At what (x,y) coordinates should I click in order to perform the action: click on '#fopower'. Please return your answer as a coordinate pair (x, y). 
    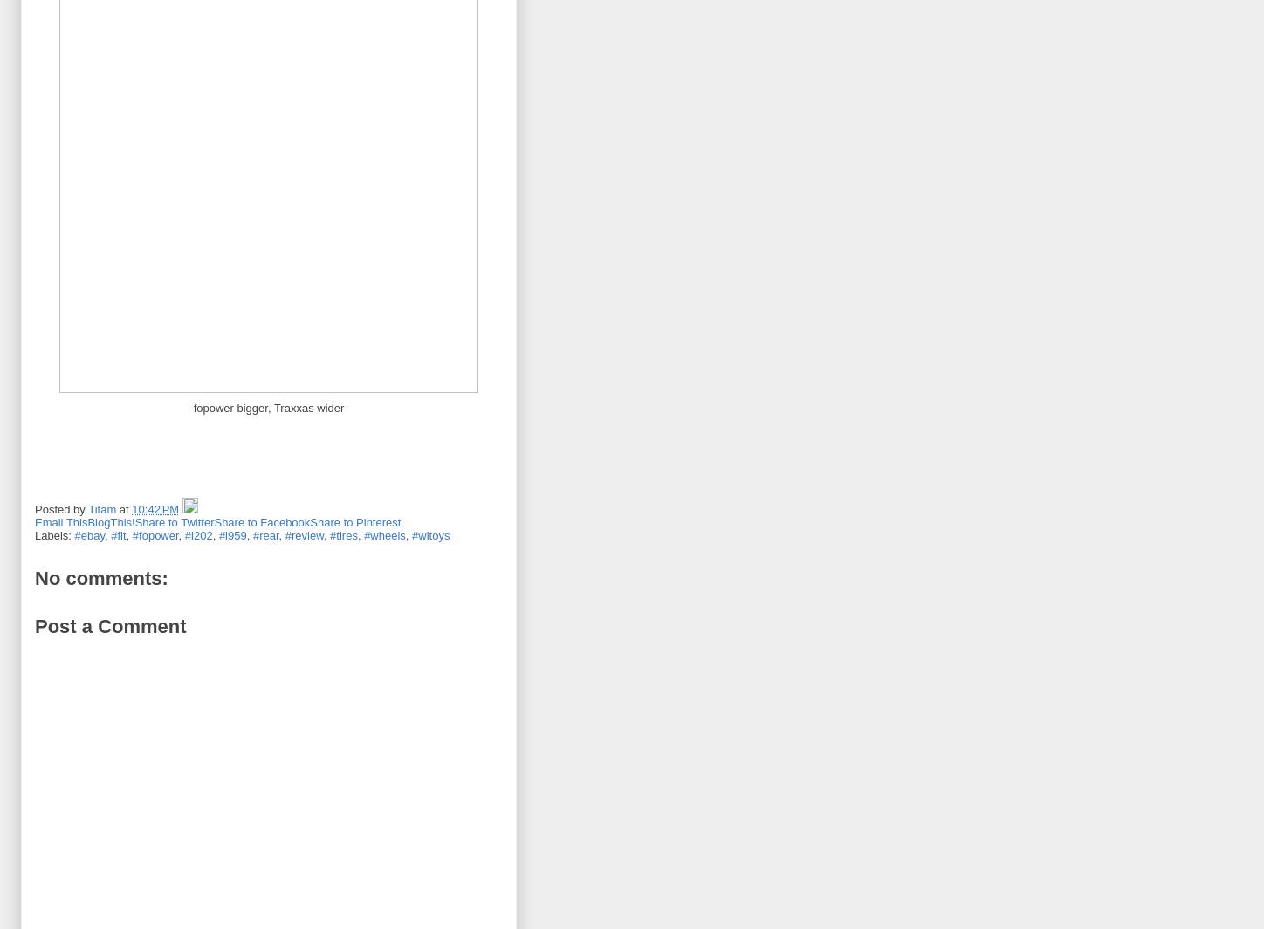
    Looking at the image, I should click on (154, 534).